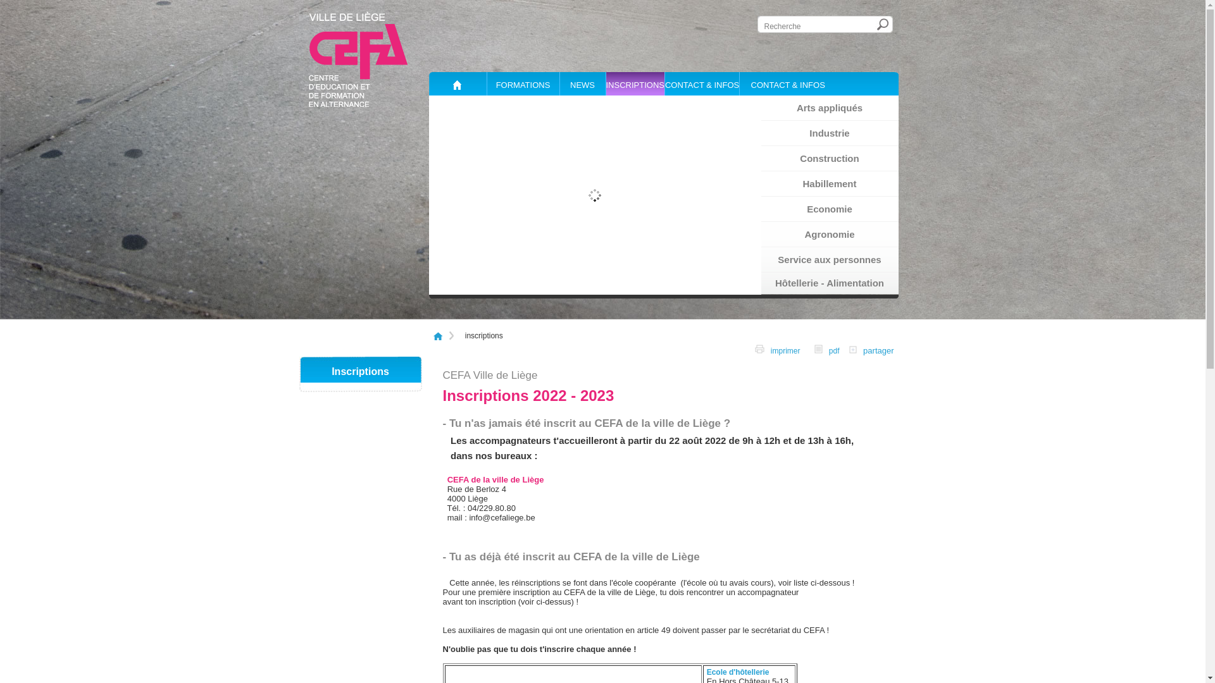 This screenshot has width=1215, height=683. What do you see at coordinates (634, 83) in the screenshot?
I see `'INSCRIPTIONS'` at bounding box center [634, 83].